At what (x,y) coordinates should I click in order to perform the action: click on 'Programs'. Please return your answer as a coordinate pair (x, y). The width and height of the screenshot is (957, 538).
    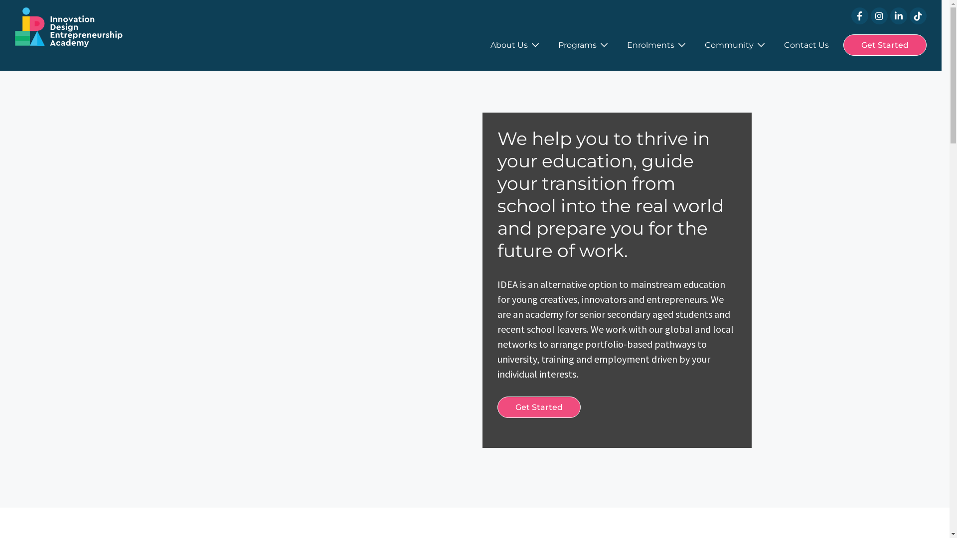
    Looking at the image, I should click on (583, 45).